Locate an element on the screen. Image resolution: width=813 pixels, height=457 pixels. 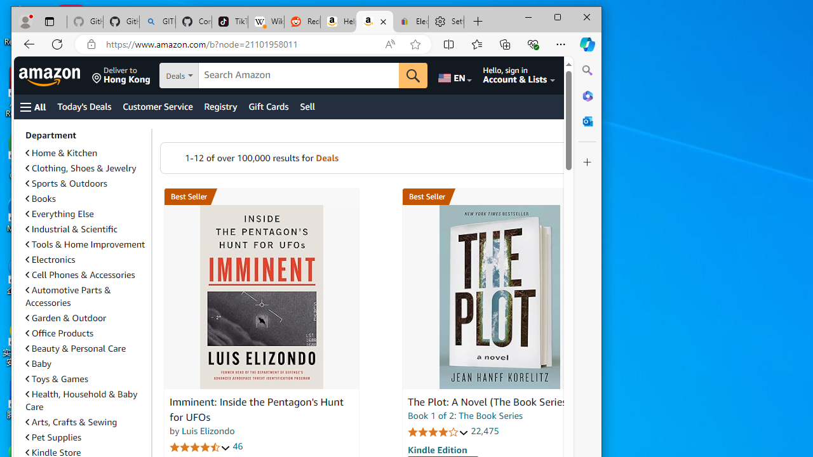
'Garden & Outdoor' is located at coordinates (85, 317).